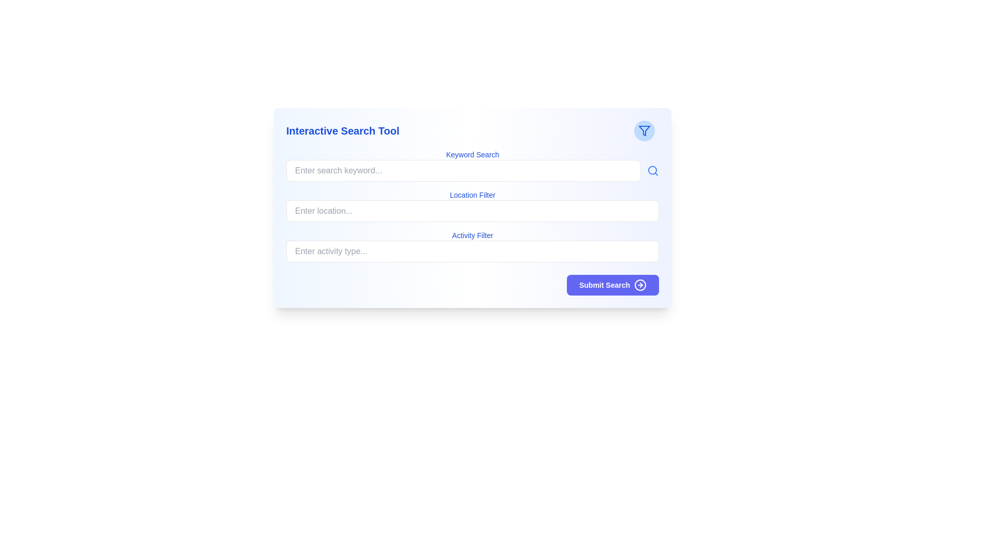 The height and width of the screenshot is (559, 994). Describe the element at coordinates (640, 285) in the screenshot. I see `the circular decorative element within the right-facing arrow icon located at the bottom-right corner of the interface, adjacent to the 'Submit Search' button` at that location.